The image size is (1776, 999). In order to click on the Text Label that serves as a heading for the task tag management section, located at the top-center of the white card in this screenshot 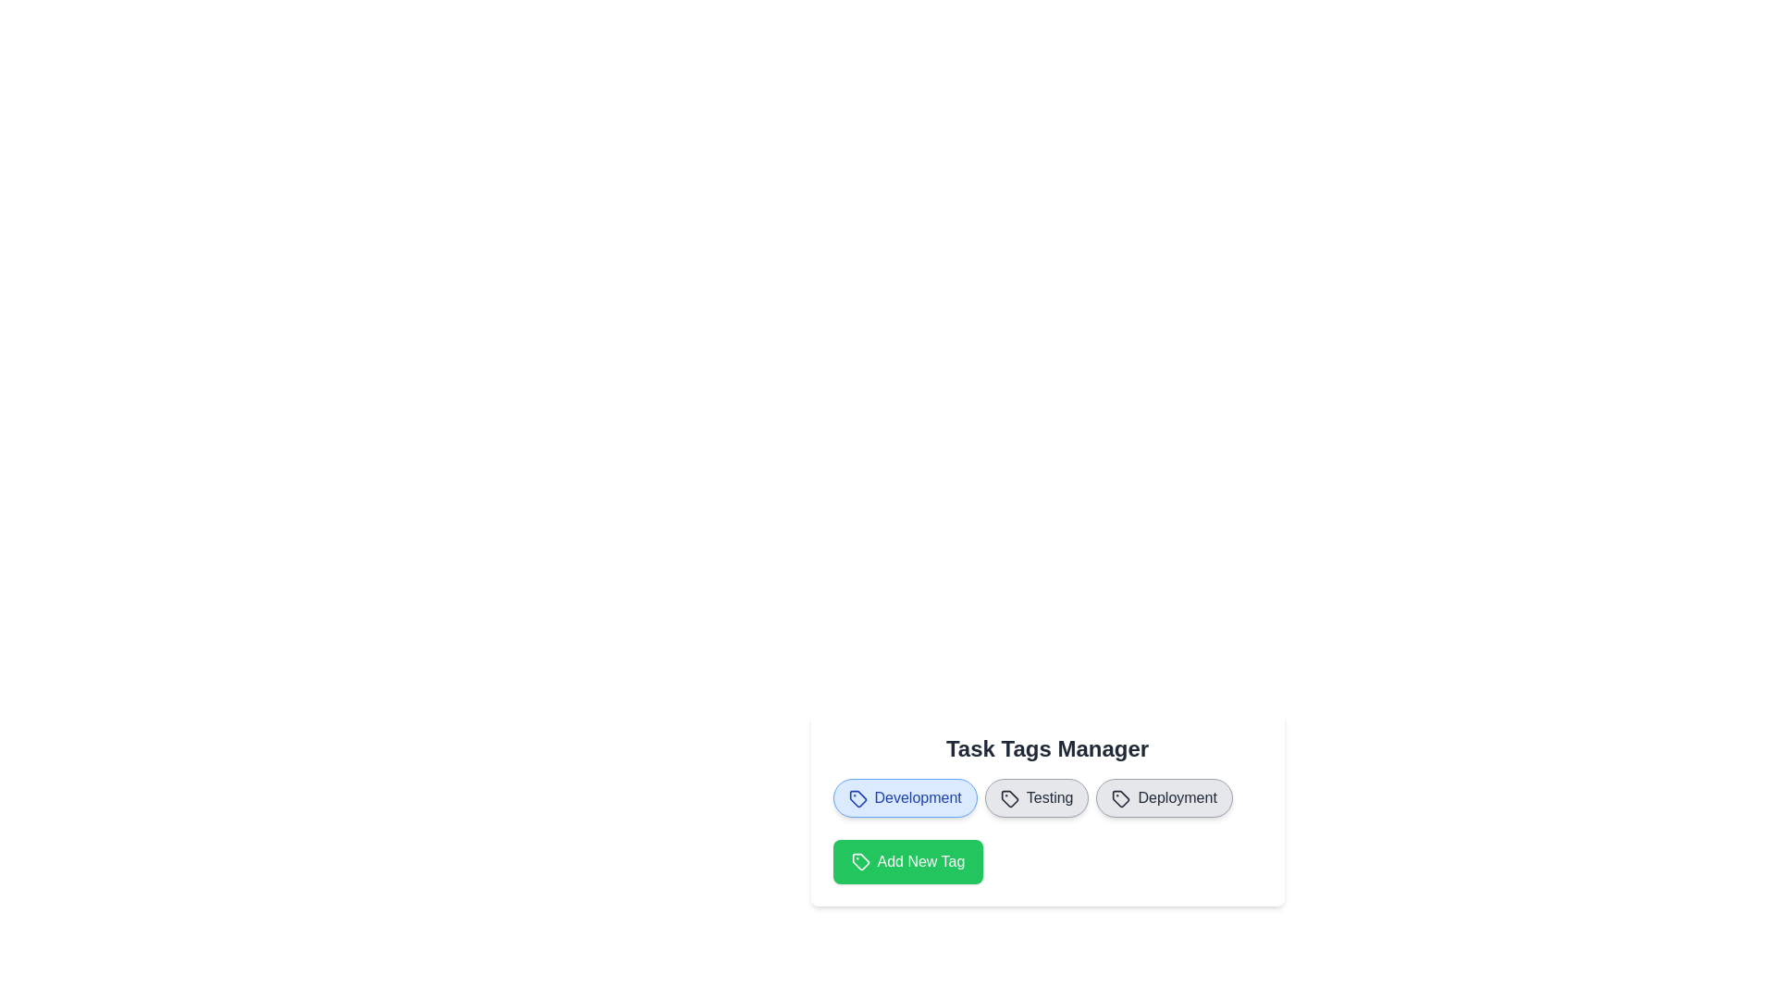, I will do `click(1047, 749)`.